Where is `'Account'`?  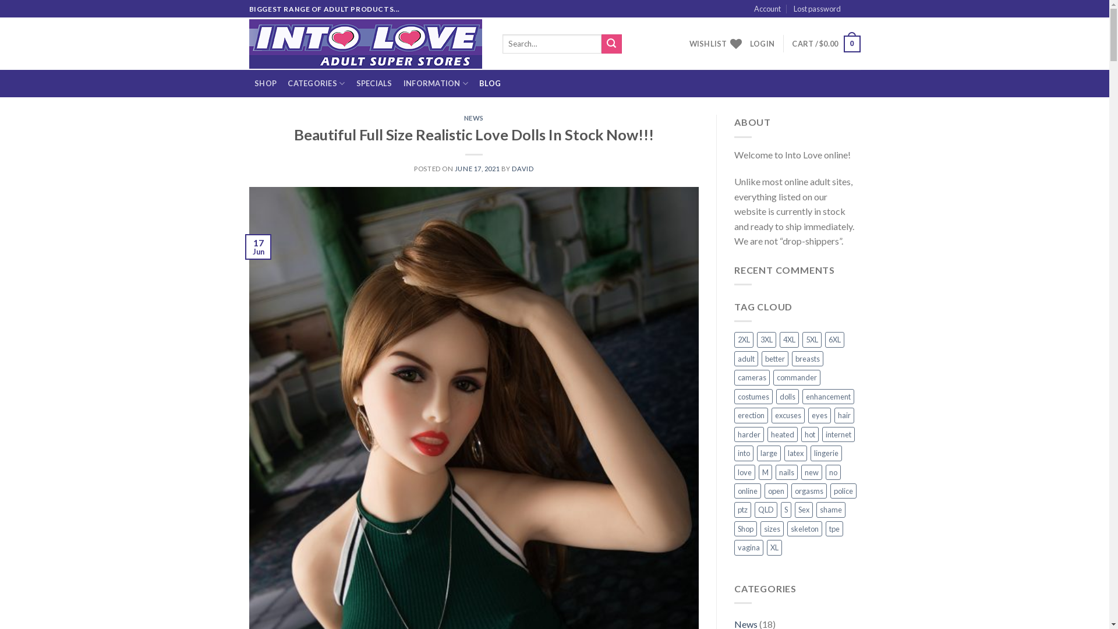
'Account' is located at coordinates (767, 9).